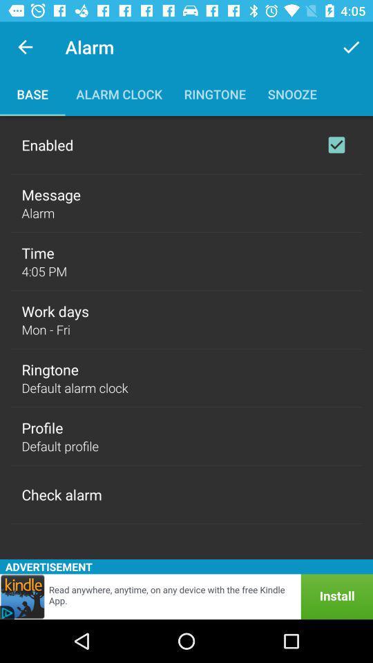 The height and width of the screenshot is (663, 373). I want to click on the item next to alarm item, so click(25, 47).